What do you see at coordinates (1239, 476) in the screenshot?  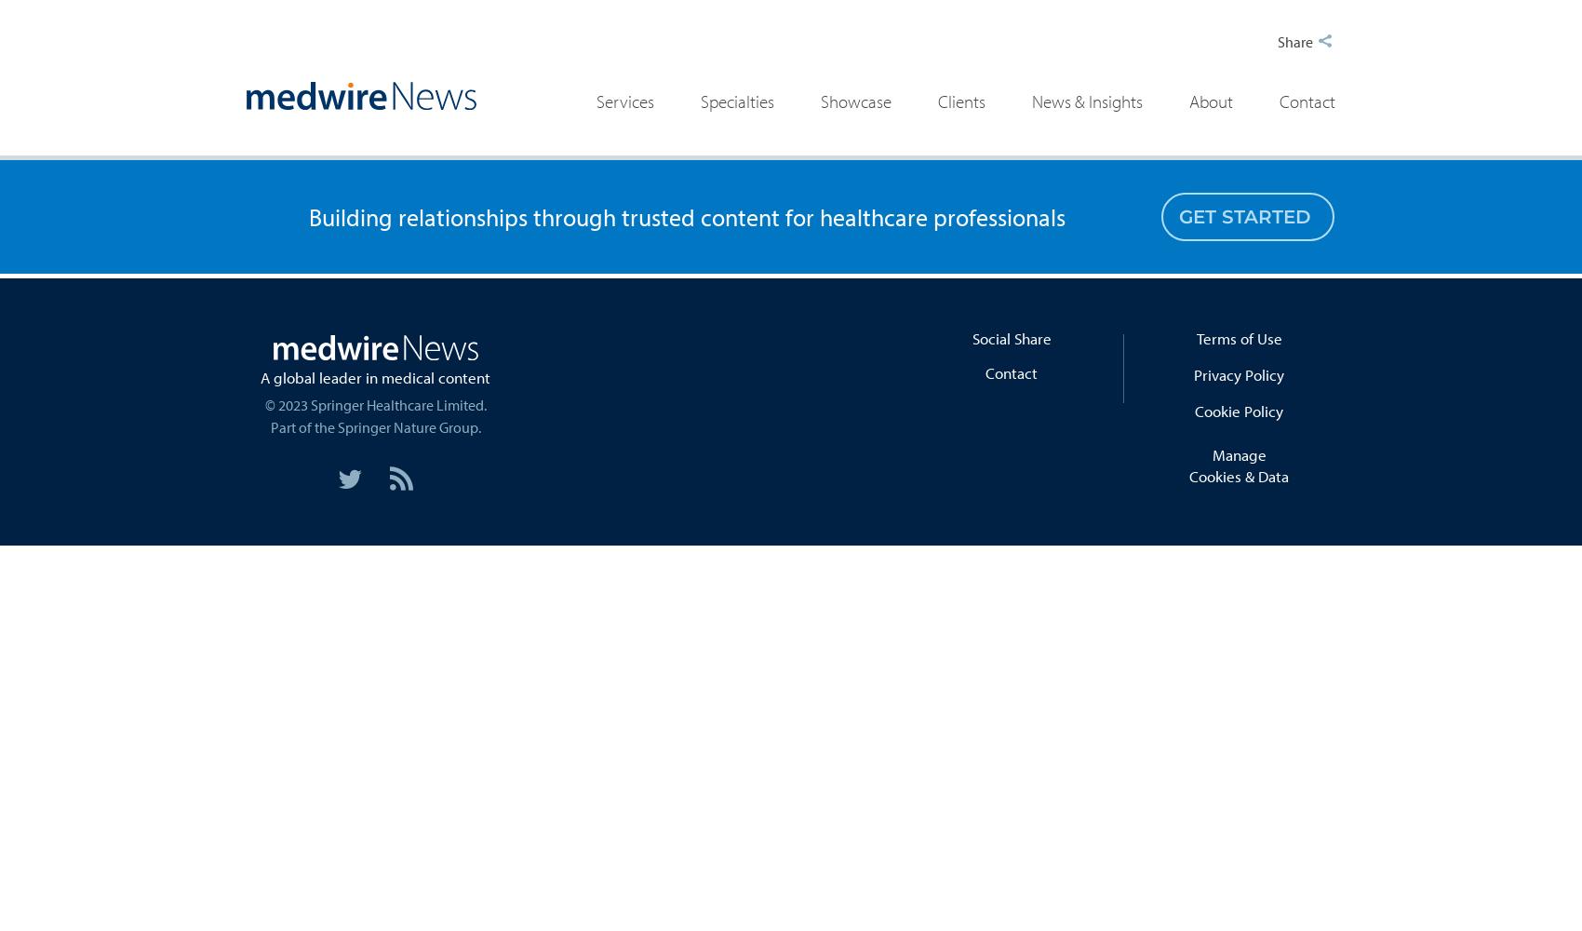 I see `'Cookies & Data'` at bounding box center [1239, 476].